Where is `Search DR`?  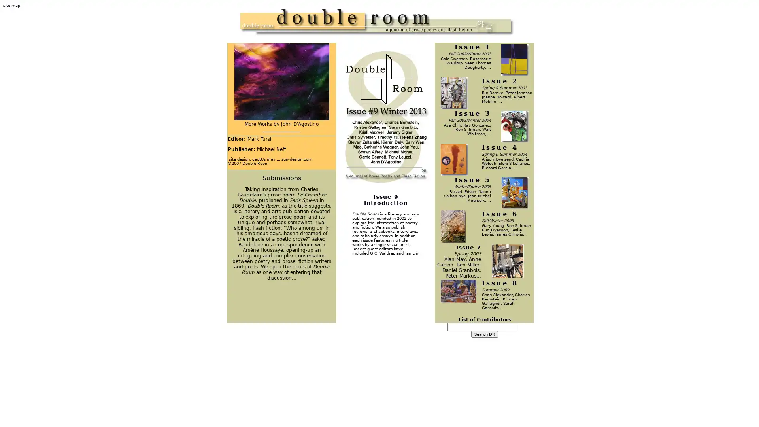 Search DR is located at coordinates (484, 334).